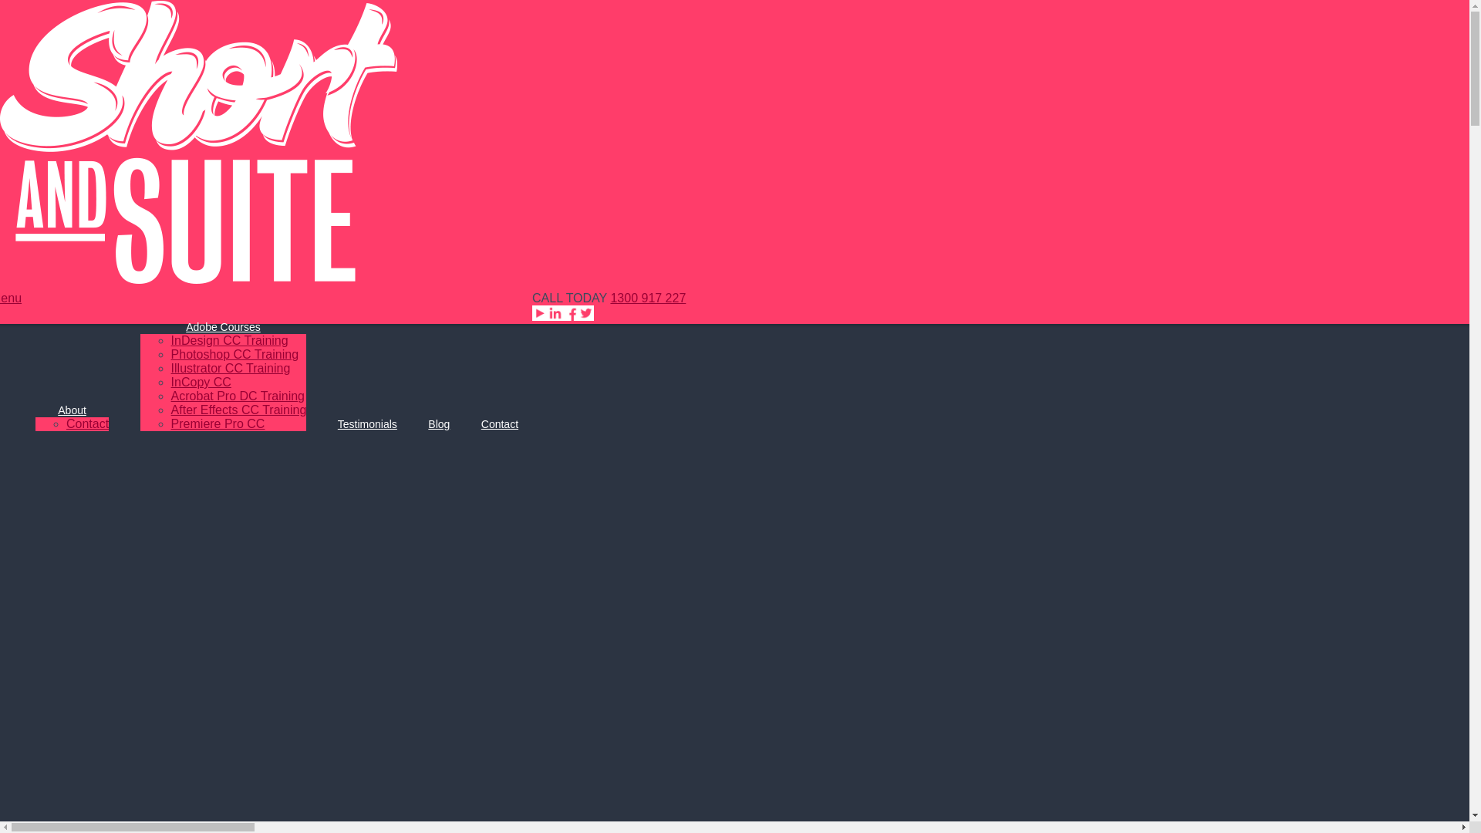  I want to click on 'Blog', so click(438, 424).